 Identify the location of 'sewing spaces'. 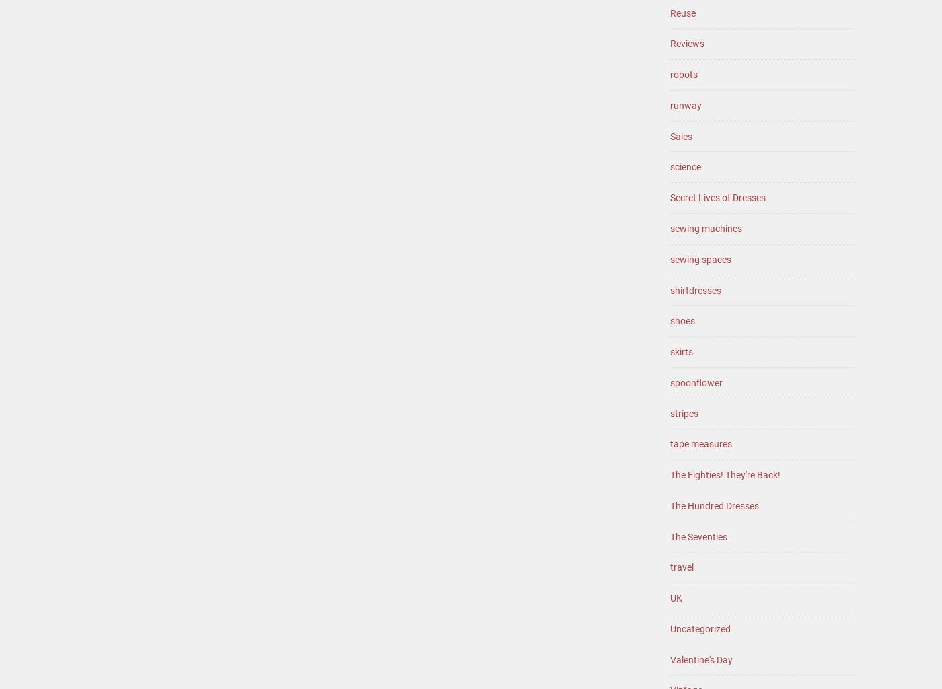
(700, 258).